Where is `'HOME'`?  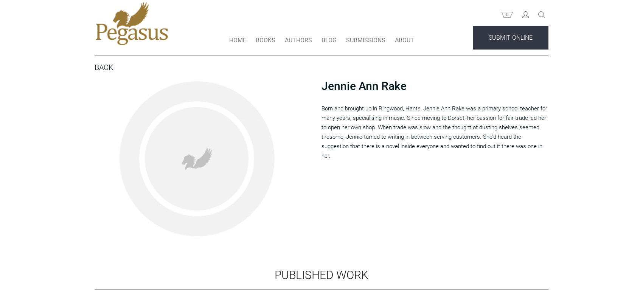 'HOME' is located at coordinates (237, 54).